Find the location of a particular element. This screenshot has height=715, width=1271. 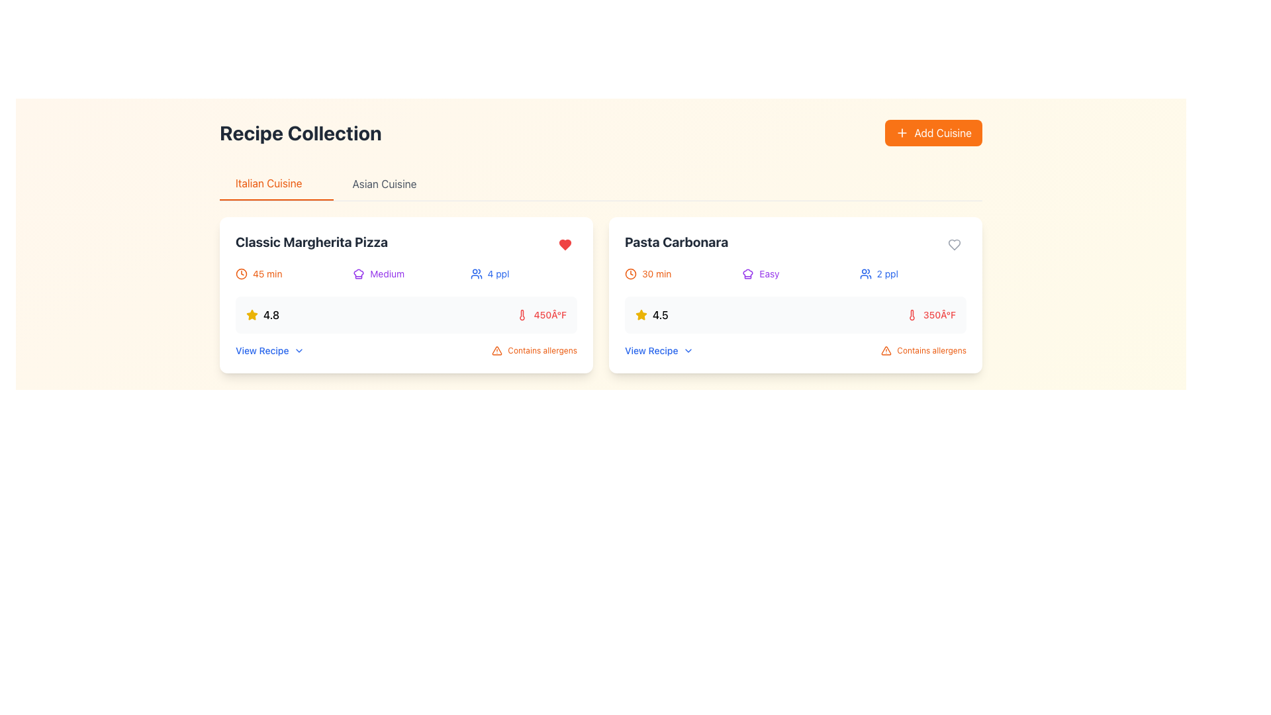

numerical rating displayed in the text label associated with the 'Pasta Carbonara' dish, located to the right of the yellow star icon in the rating section is located at coordinates (660, 314).